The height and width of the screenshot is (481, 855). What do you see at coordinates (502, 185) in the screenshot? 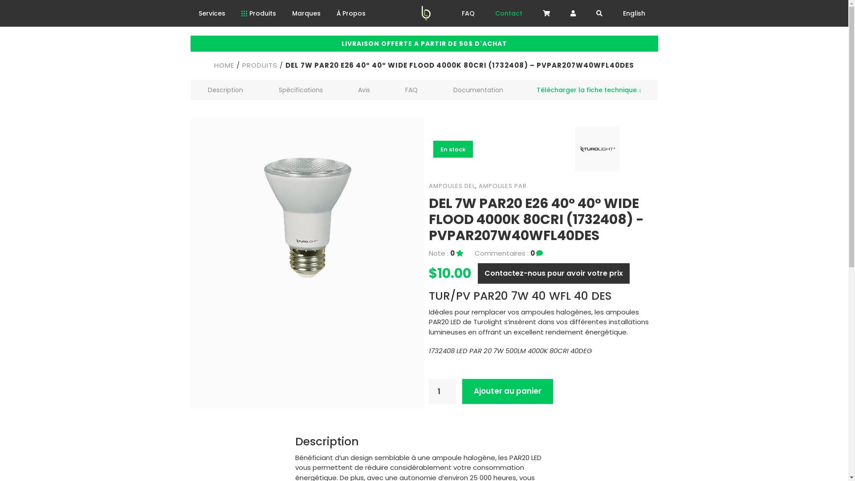
I see `'AMPOULES PAR'` at bounding box center [502, 185].